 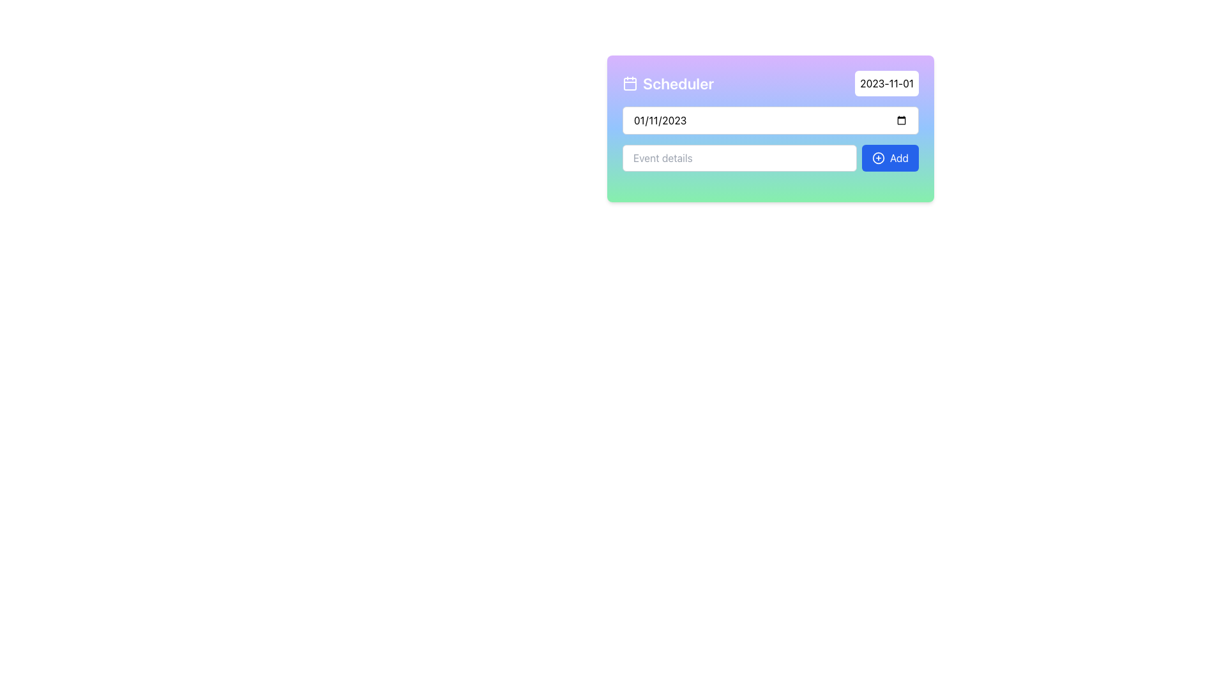 I want to click on the small square with rounded corners inside the calendar icon, located to the left of the 'Scheduler' title text, so click(x=630, y=84).